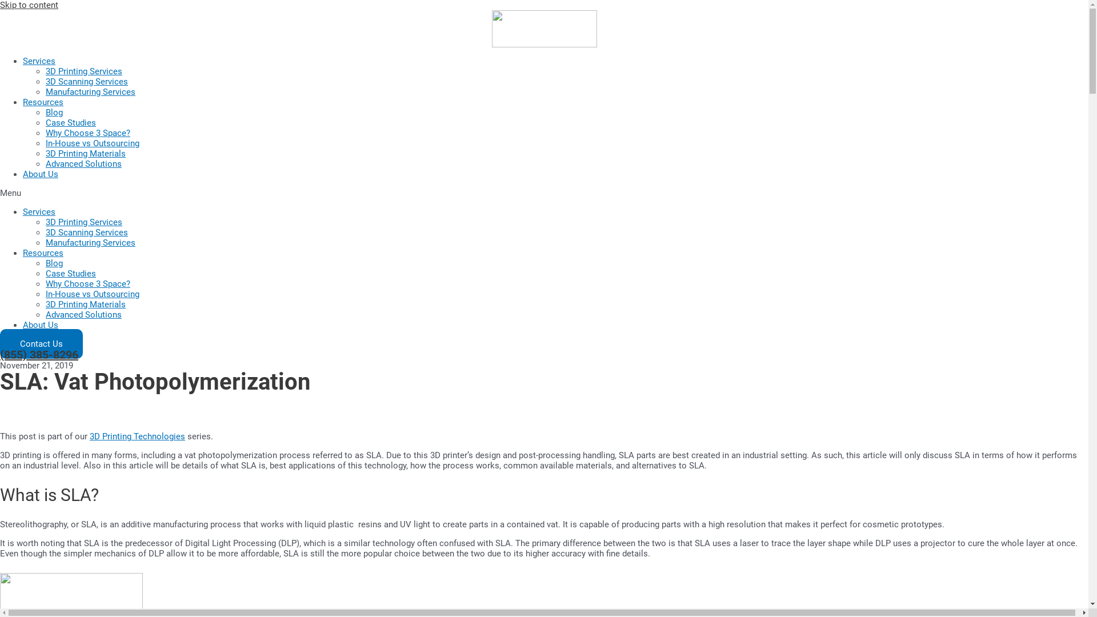 This screenshot has height=617, width=1097. What do you see at coordinates (54, 112) in the screenshot?
I see `'Blog'` at bounding box center [54, 112].